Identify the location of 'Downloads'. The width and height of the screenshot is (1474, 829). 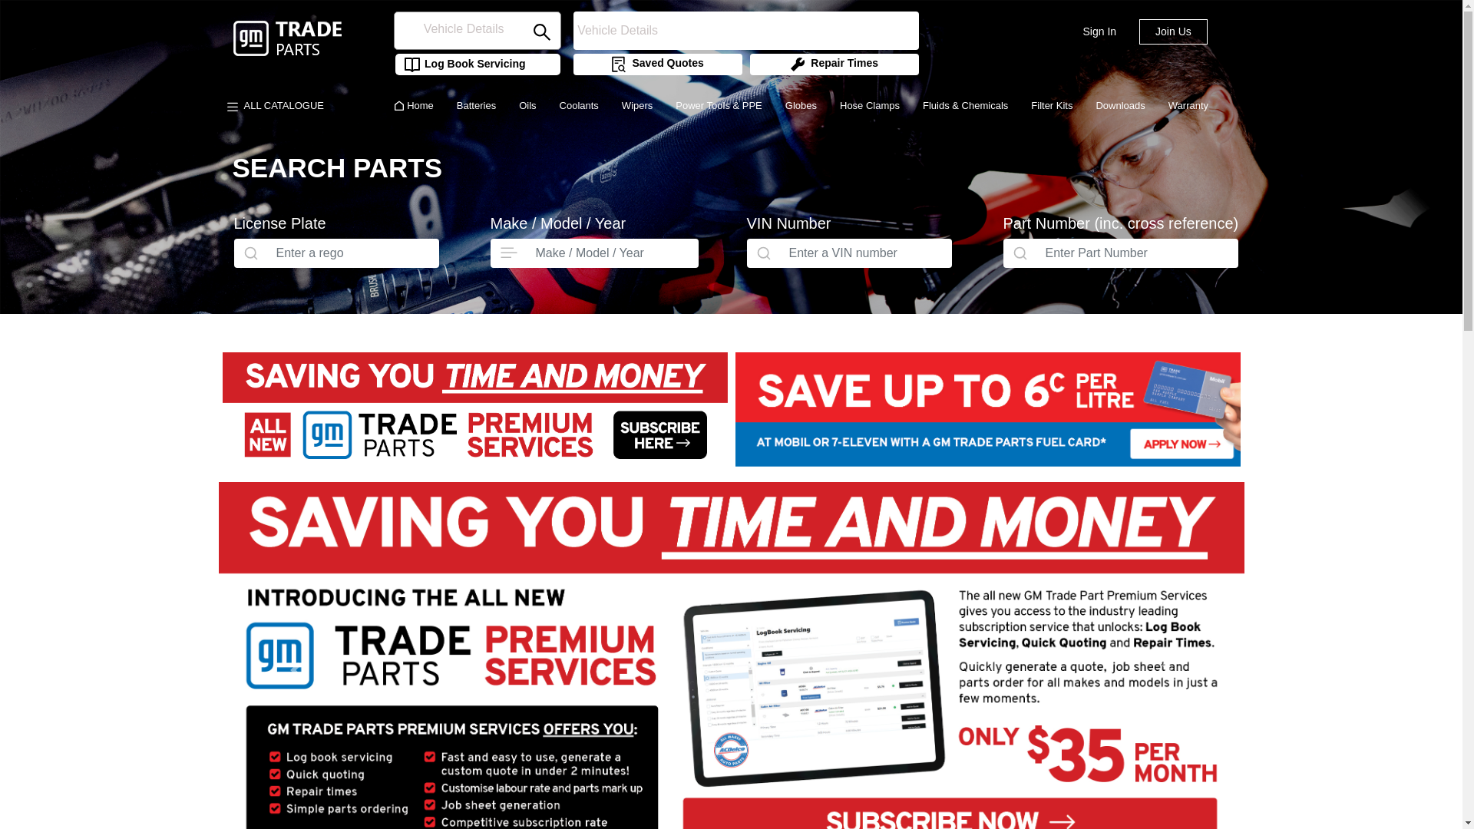
(1120, 105).